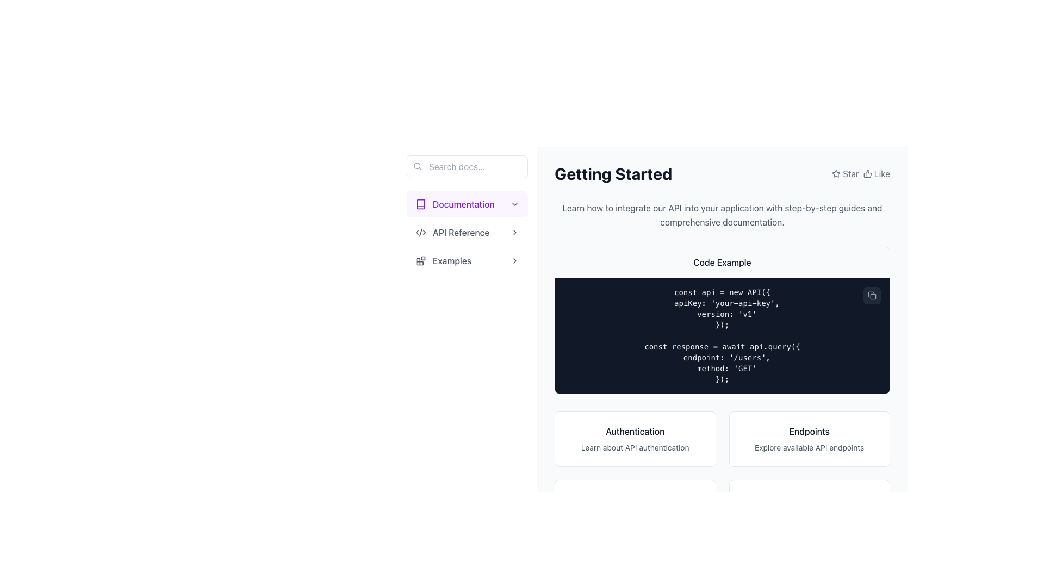 The image size is (1044, 587). I want to click on text content of the 'Documentation' label, which is a medium-weight, purple-colored text element located in a lavender-highlighted box, so click(463, 204).